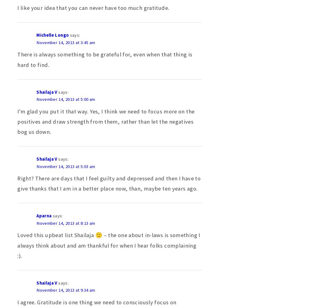 The width and height of the screenshot is (324, 308). Describe the element at coordinates (109, 183) in the screenshot. I see `'Right?  There are days that I feel guilty and depressed and then I have to give thanks that I am in a better place now, than, maybe ten years ago.'` at that location.